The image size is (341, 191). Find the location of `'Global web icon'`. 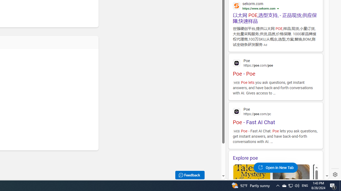

'Global web icon' is located at coordinates (236, 111).